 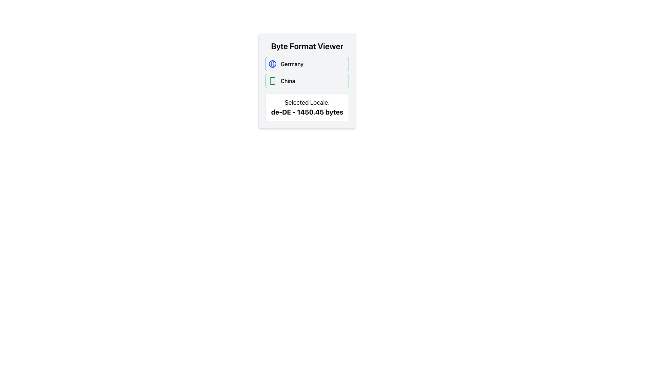 I want to click on the text label displaying 'de-DE - 1450.45 bytes' located below the 'Selected Locale:' label, so click(x=307, y=111).